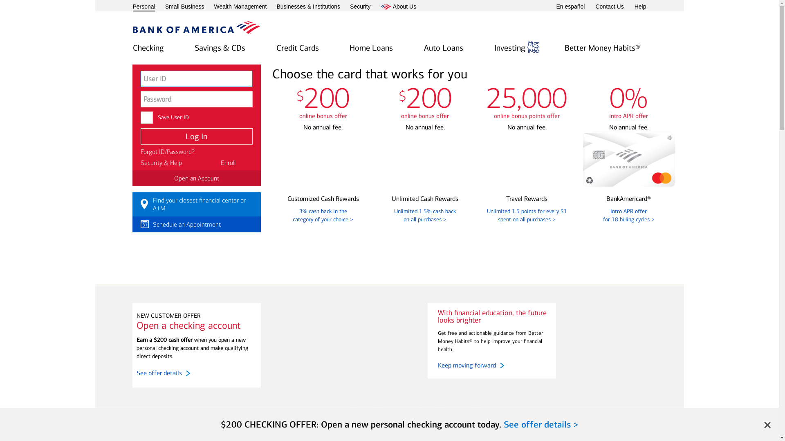 The height and width of the screenshot is (441, 785). Describe the element at coordinates (494, 49) in the screenshot. I see `'Open` at that location.